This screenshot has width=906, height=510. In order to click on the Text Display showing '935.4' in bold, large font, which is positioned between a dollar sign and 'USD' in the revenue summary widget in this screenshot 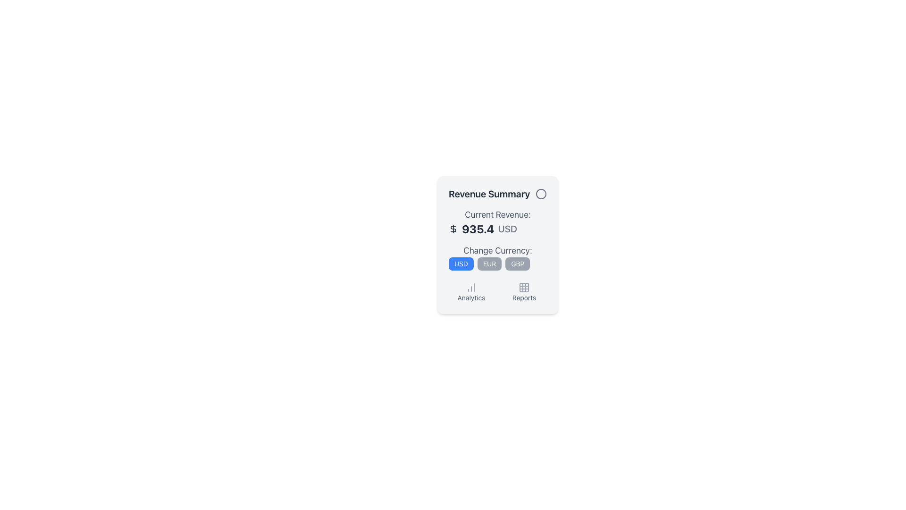, I will do `click(478, 229)`.